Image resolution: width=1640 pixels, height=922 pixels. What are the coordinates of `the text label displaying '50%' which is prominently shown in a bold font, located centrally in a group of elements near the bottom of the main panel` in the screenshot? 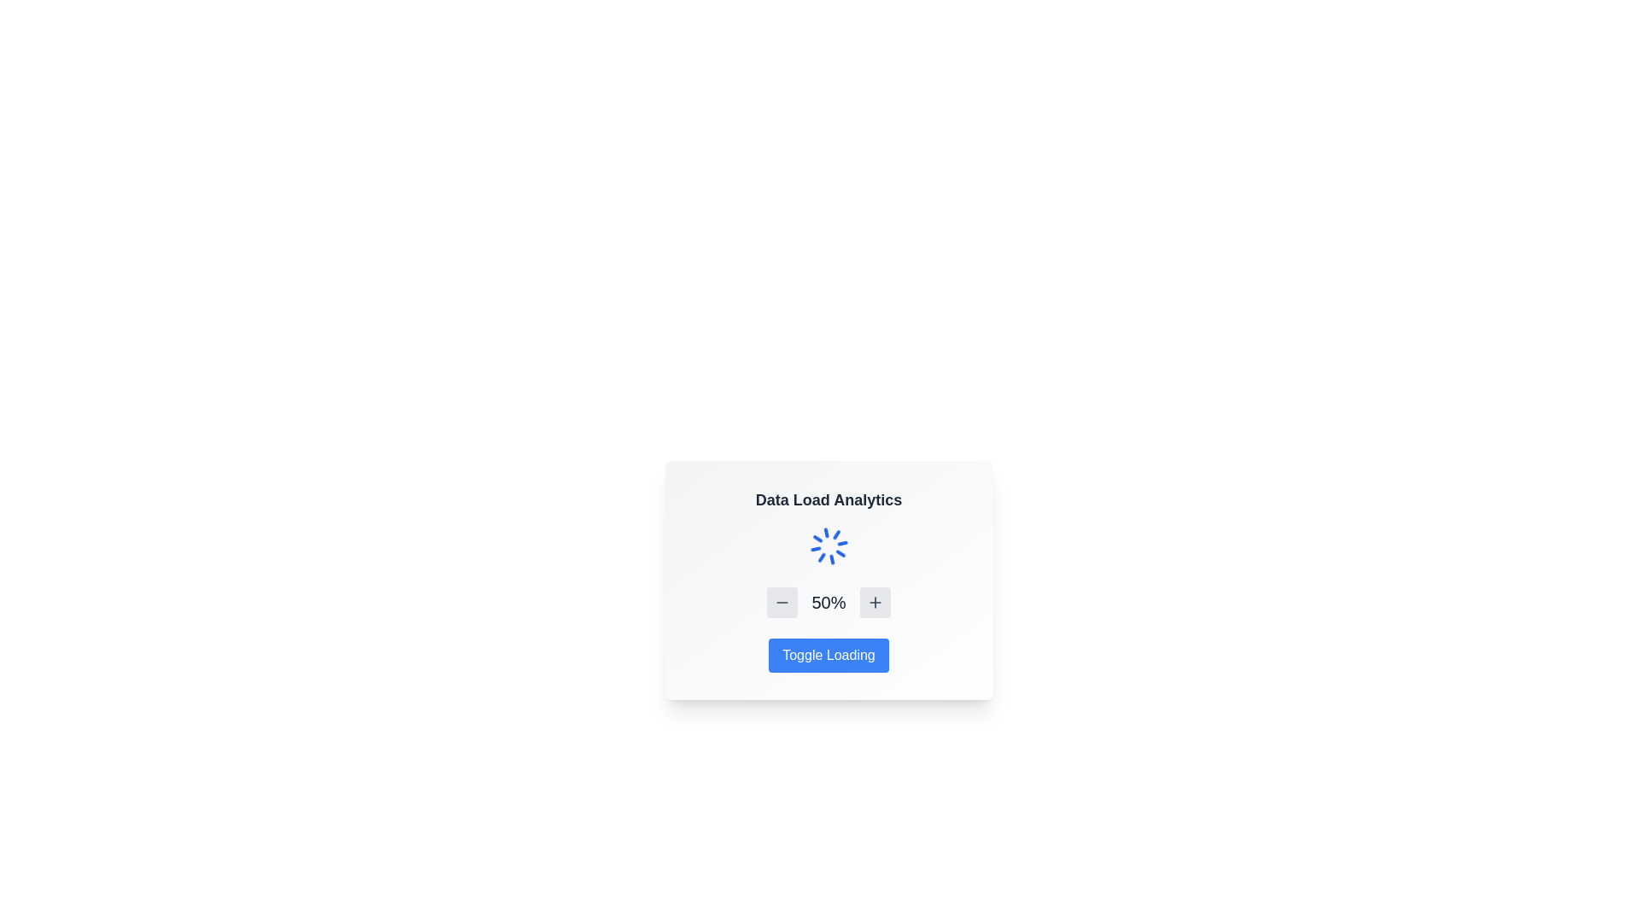 It's located at (829, 601).